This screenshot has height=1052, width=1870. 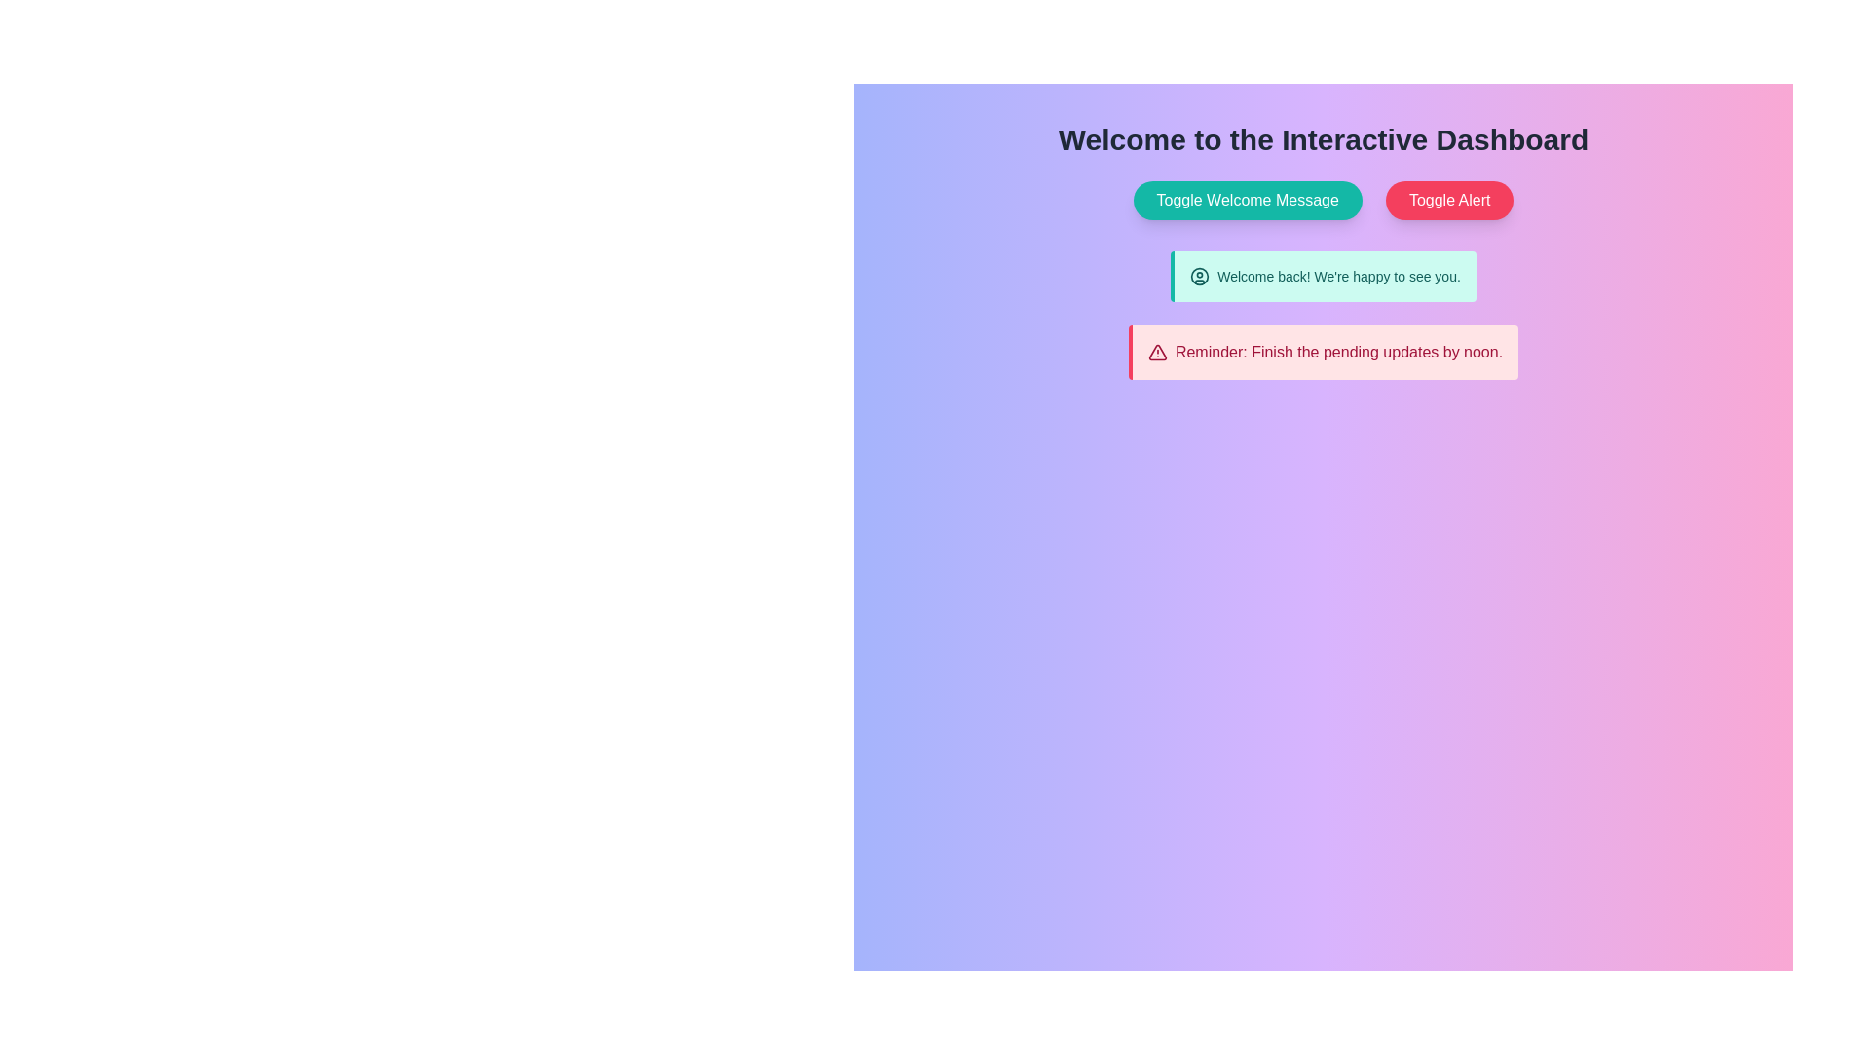 What do you see at coordinates (1325, 277) in the screenshot?
I see `the welcoming message text element inside the teal-themed rectangular box` at bounding box center [1325, 277].